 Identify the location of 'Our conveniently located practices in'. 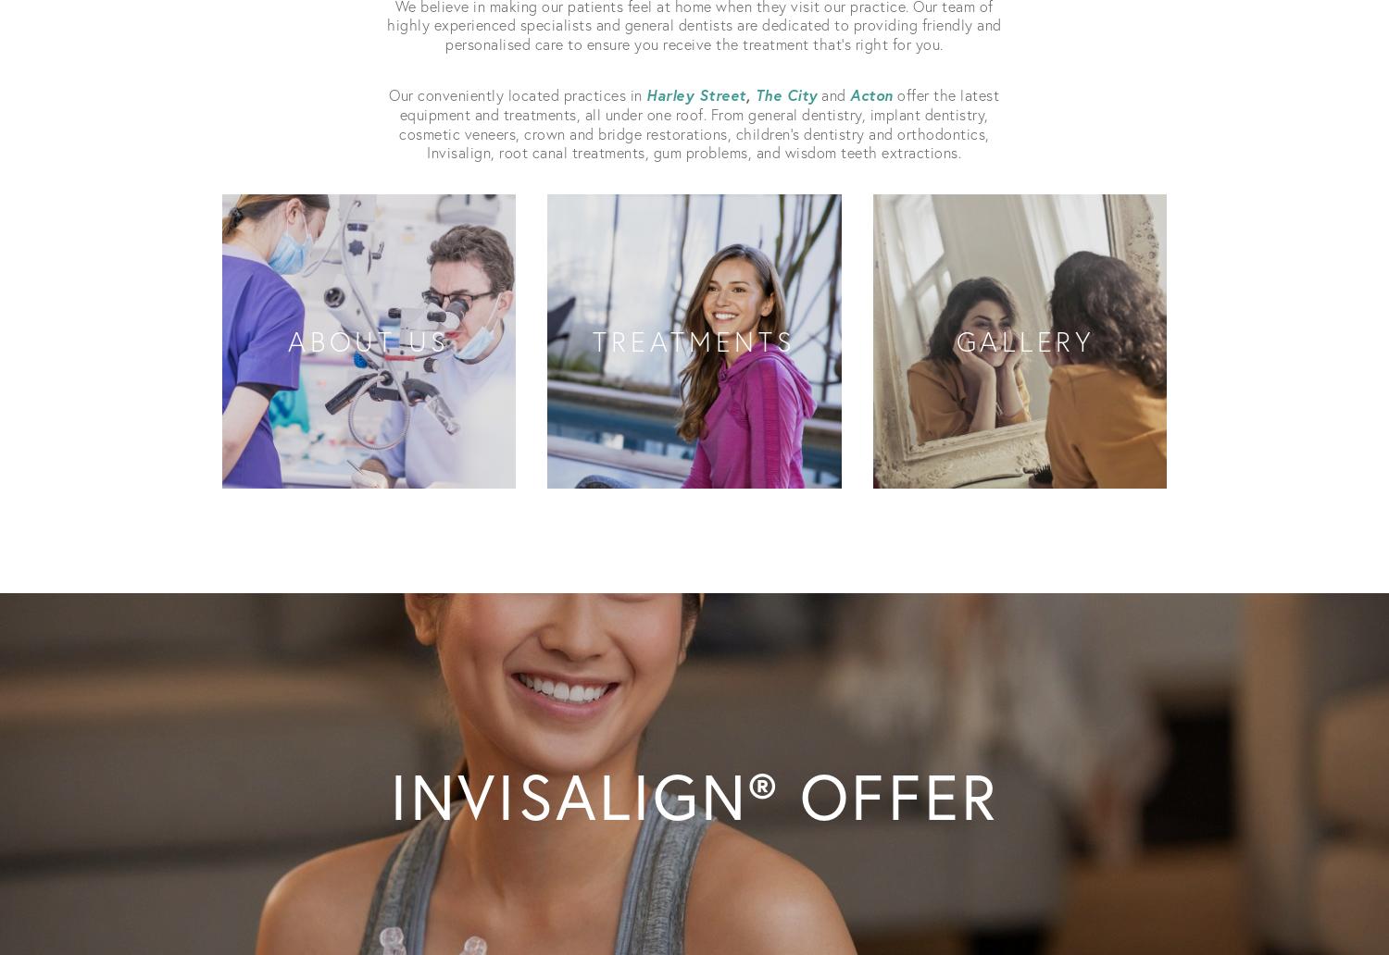
(518, 93).